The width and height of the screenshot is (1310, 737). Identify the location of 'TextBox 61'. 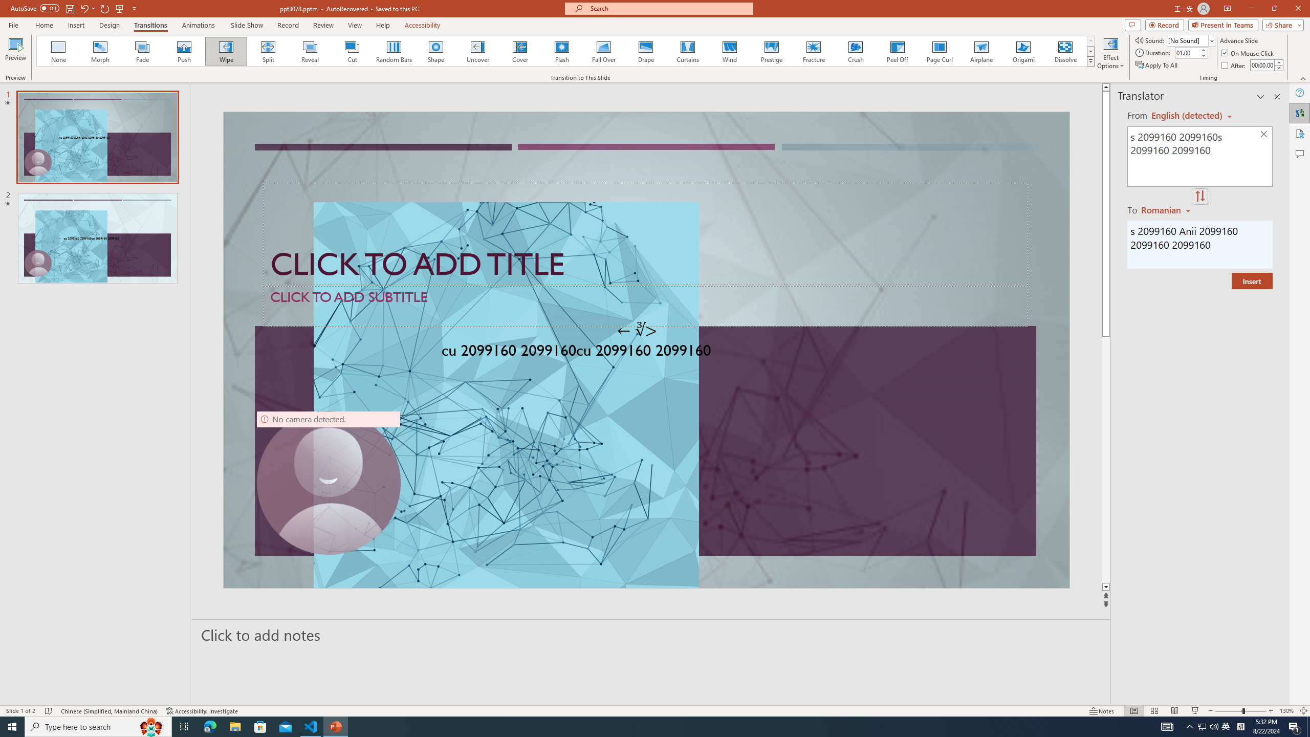
(644, 352).